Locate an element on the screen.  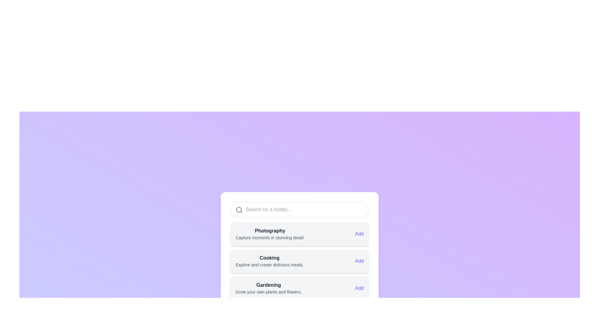
the text label that provides a brief description of a gardening-related hobby, located in the third card of the vertically stacked list of hobby options is located at coordinates (269, 288).